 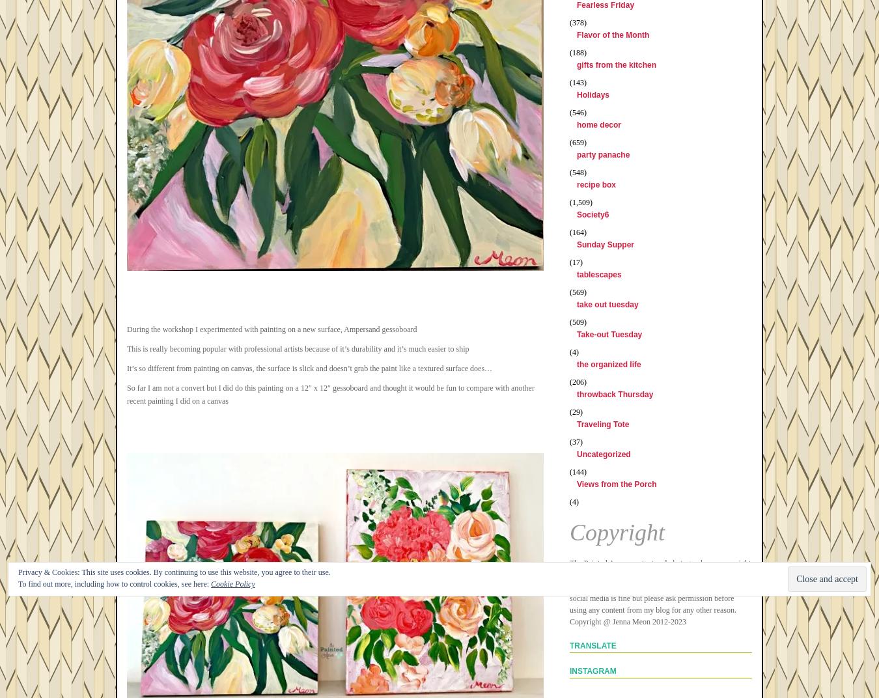 I want to click on '(144)', so click(x=569, y=471).